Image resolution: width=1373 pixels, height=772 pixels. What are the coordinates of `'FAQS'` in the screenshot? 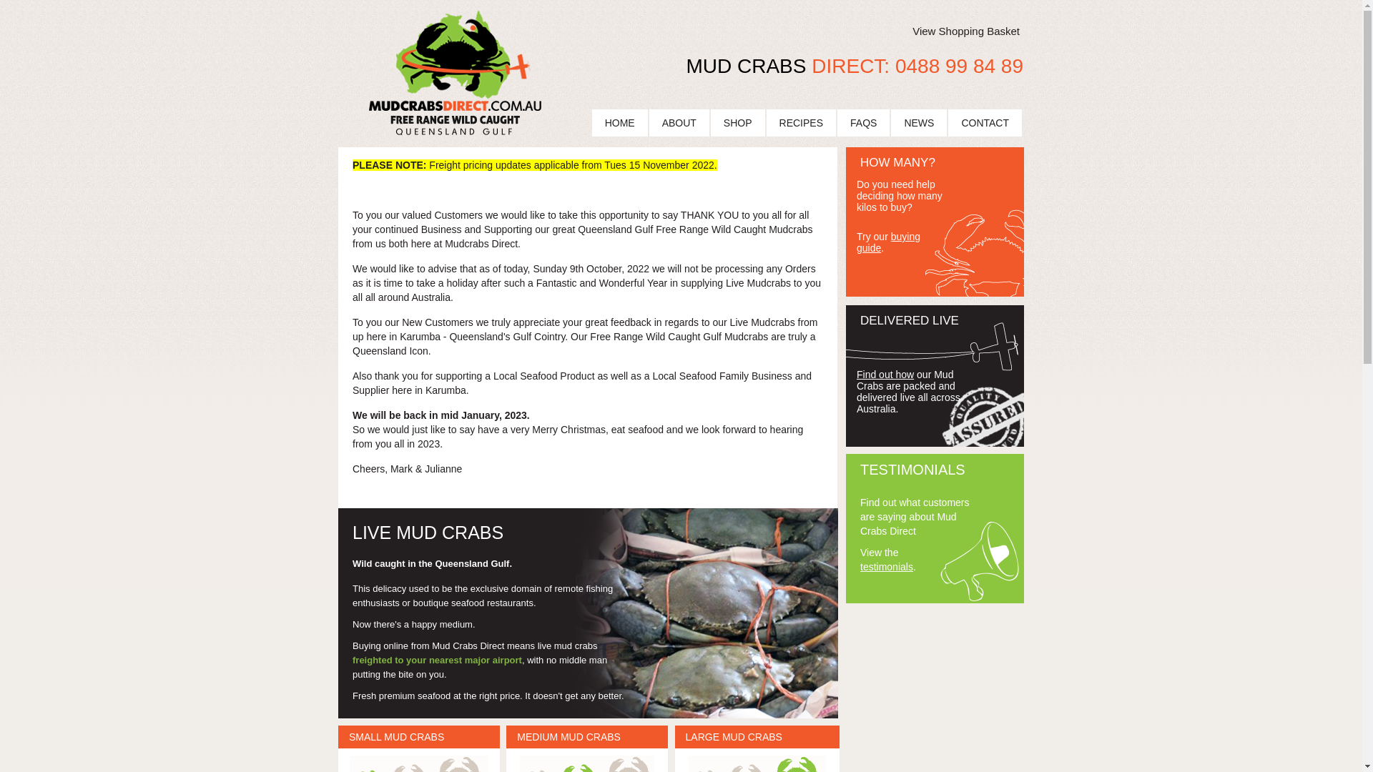 It's located at (837, 122).